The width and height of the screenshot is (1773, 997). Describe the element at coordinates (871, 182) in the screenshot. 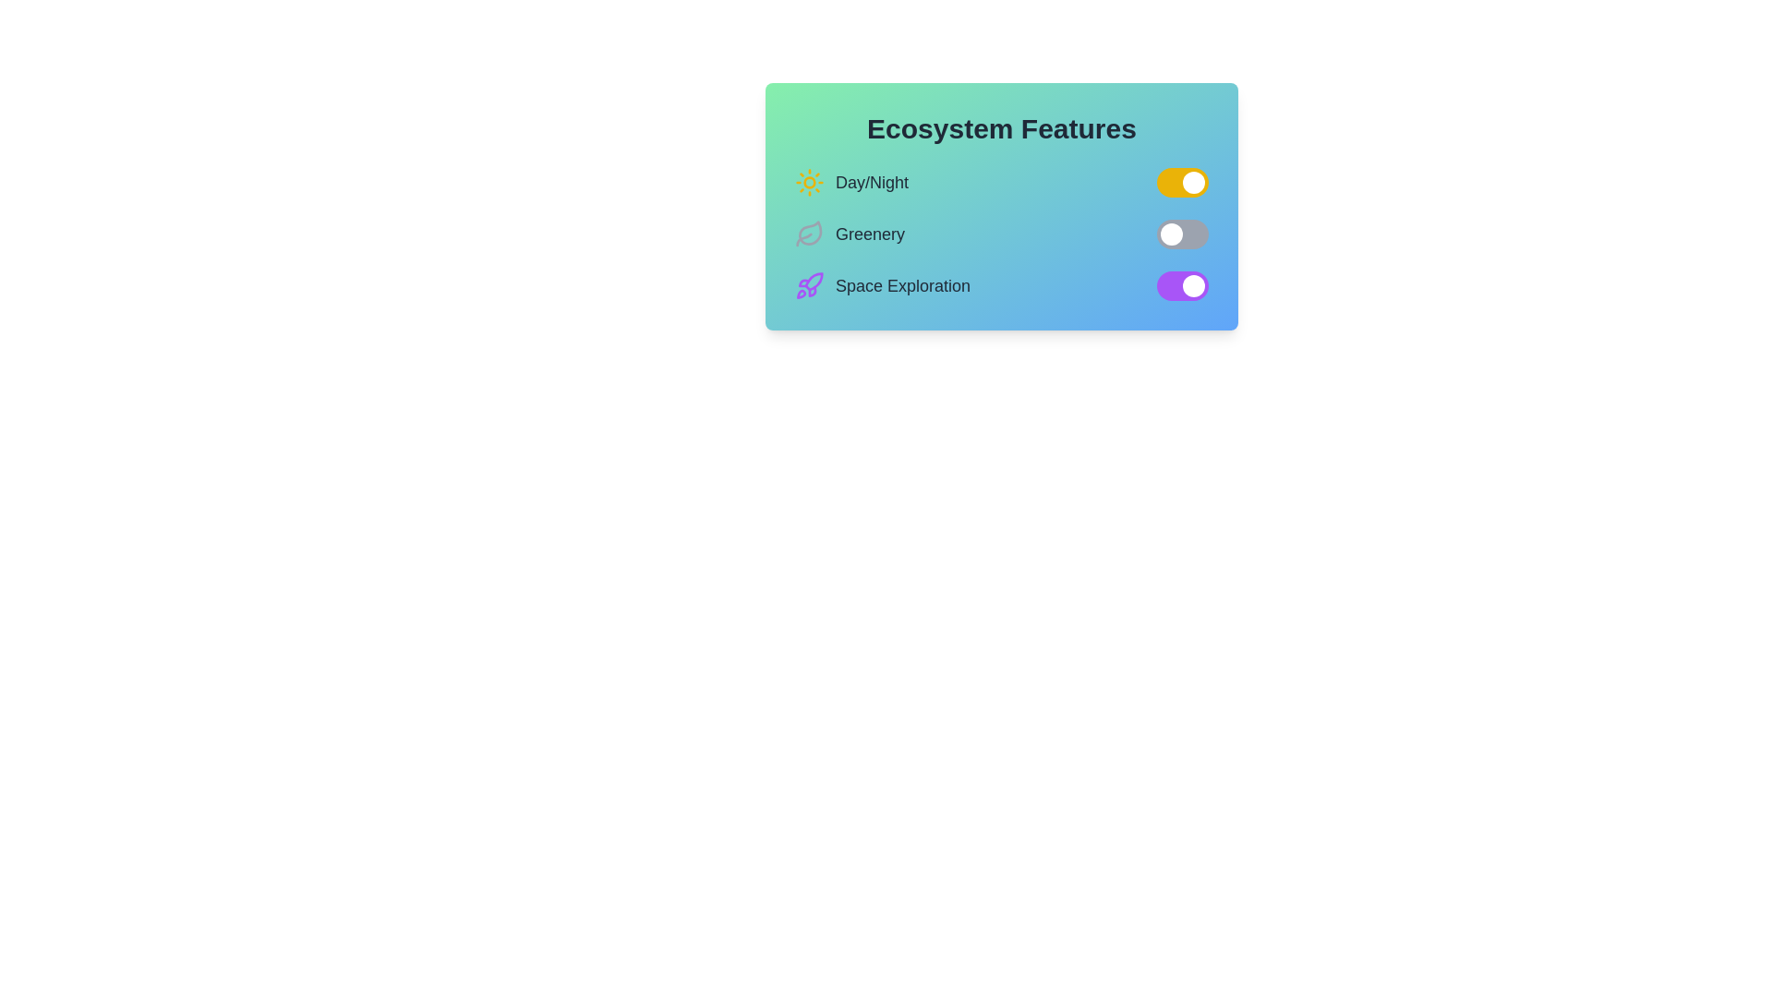

I see `the 'Day/Night' text label, which is styled in a bold, large font and positioned in the 'Ecosystem Features' panel, located adjacent to a sun icon and a toggle switch` at that location.